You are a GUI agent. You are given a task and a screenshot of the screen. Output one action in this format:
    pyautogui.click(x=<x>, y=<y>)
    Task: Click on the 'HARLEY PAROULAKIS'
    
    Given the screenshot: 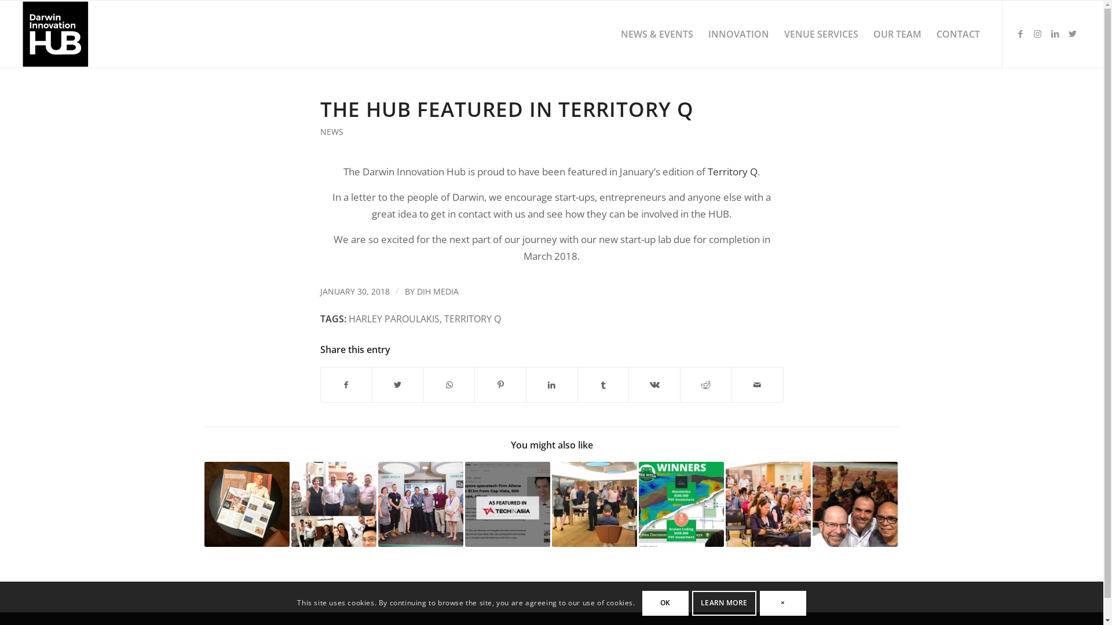 What is the action you would take?
    pyautogui.click(x=394, y=319)
    